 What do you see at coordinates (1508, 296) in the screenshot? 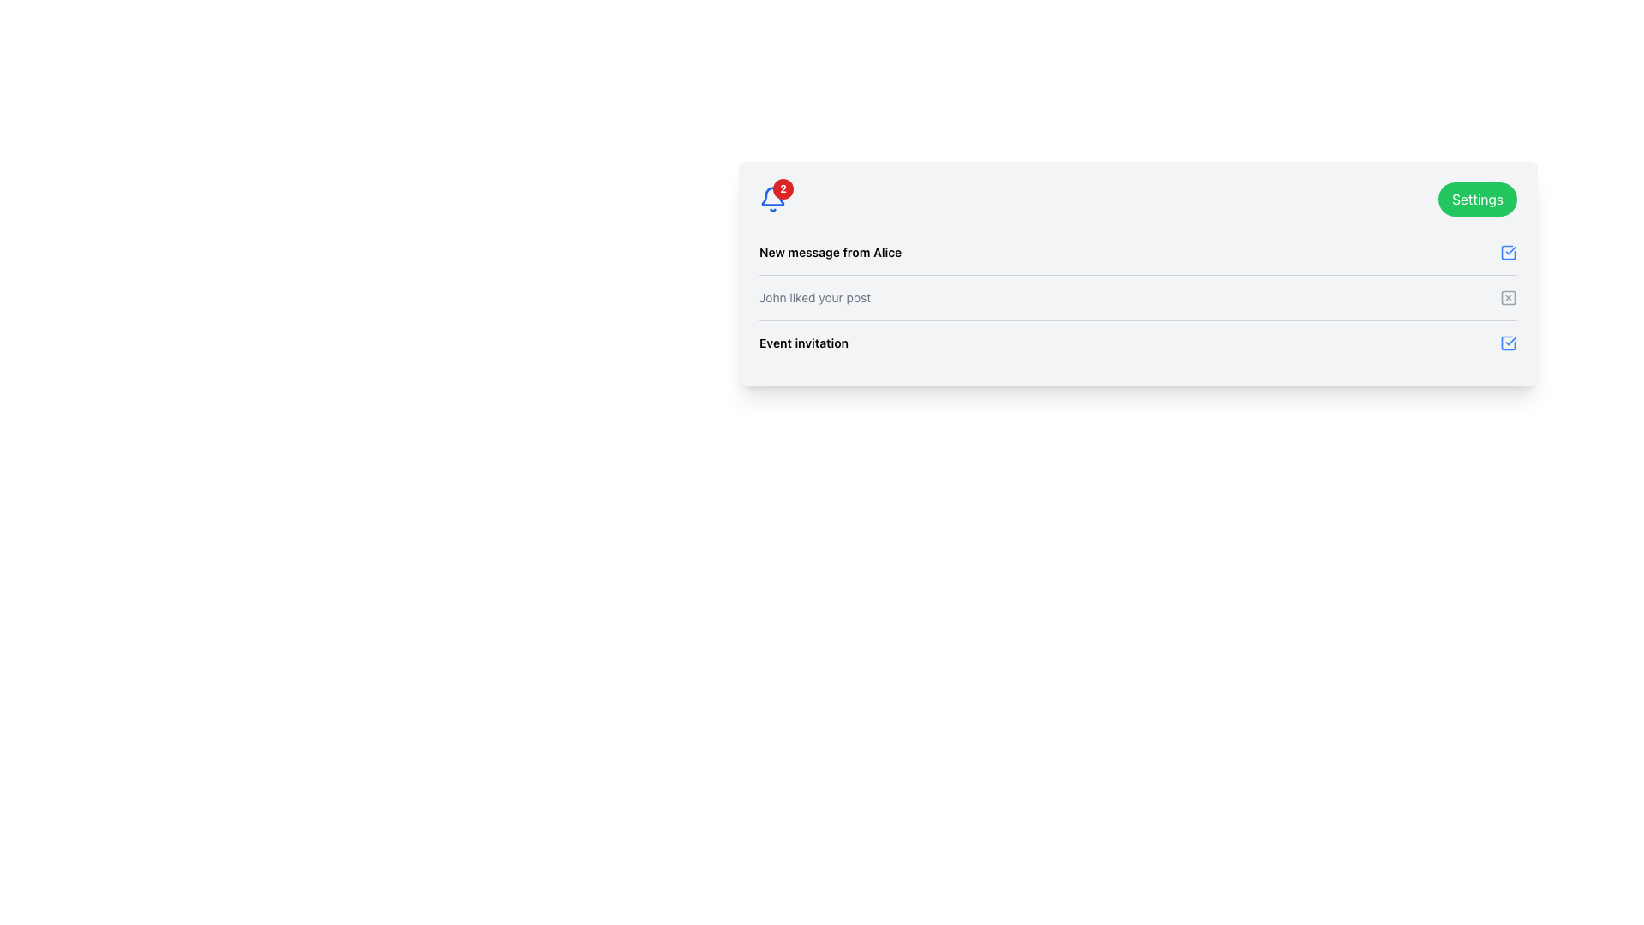
I see `the minimalistic light gray square button with an 'X' shape inside, located on the right side of the notification row that reads 'John liked your post'` at bounding box center [1508, 296].